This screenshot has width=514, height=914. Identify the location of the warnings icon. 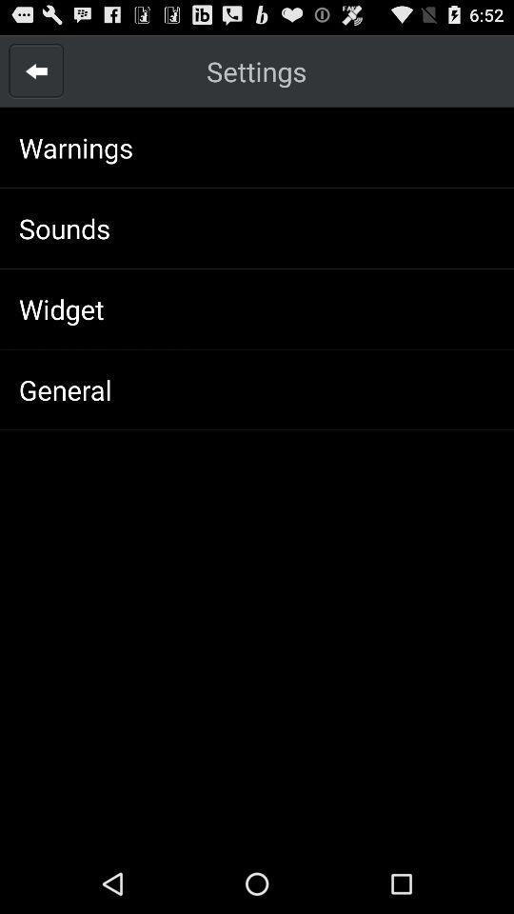
(75, 147).